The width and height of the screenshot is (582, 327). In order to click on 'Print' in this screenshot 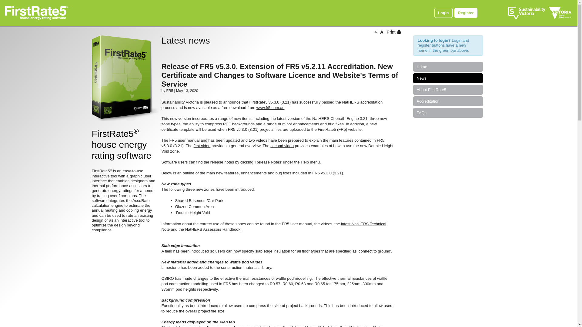, I will do `click(393, 32)`.